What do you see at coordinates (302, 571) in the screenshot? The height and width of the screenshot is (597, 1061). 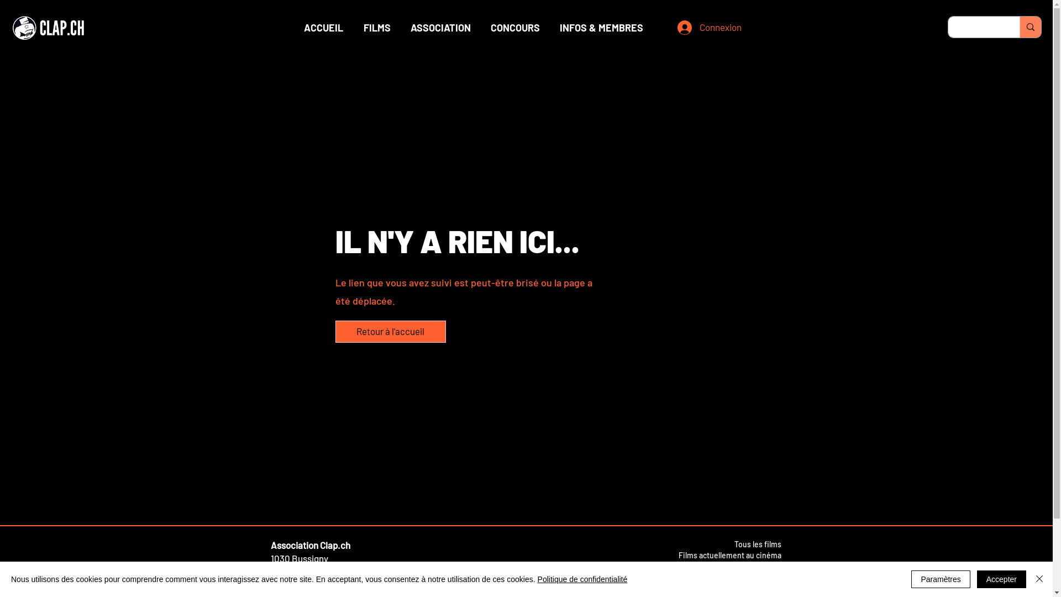 I see `'admin@clap.ch'` at bounding box center [302, 571].